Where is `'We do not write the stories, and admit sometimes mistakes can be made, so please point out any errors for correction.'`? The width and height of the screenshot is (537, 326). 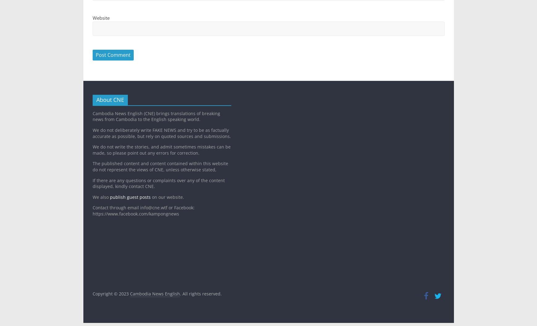
'We do not write the stories, and admit sometimes mistakes can be made, so please point out any errors for correction.' is located at coordinates (92, 149).